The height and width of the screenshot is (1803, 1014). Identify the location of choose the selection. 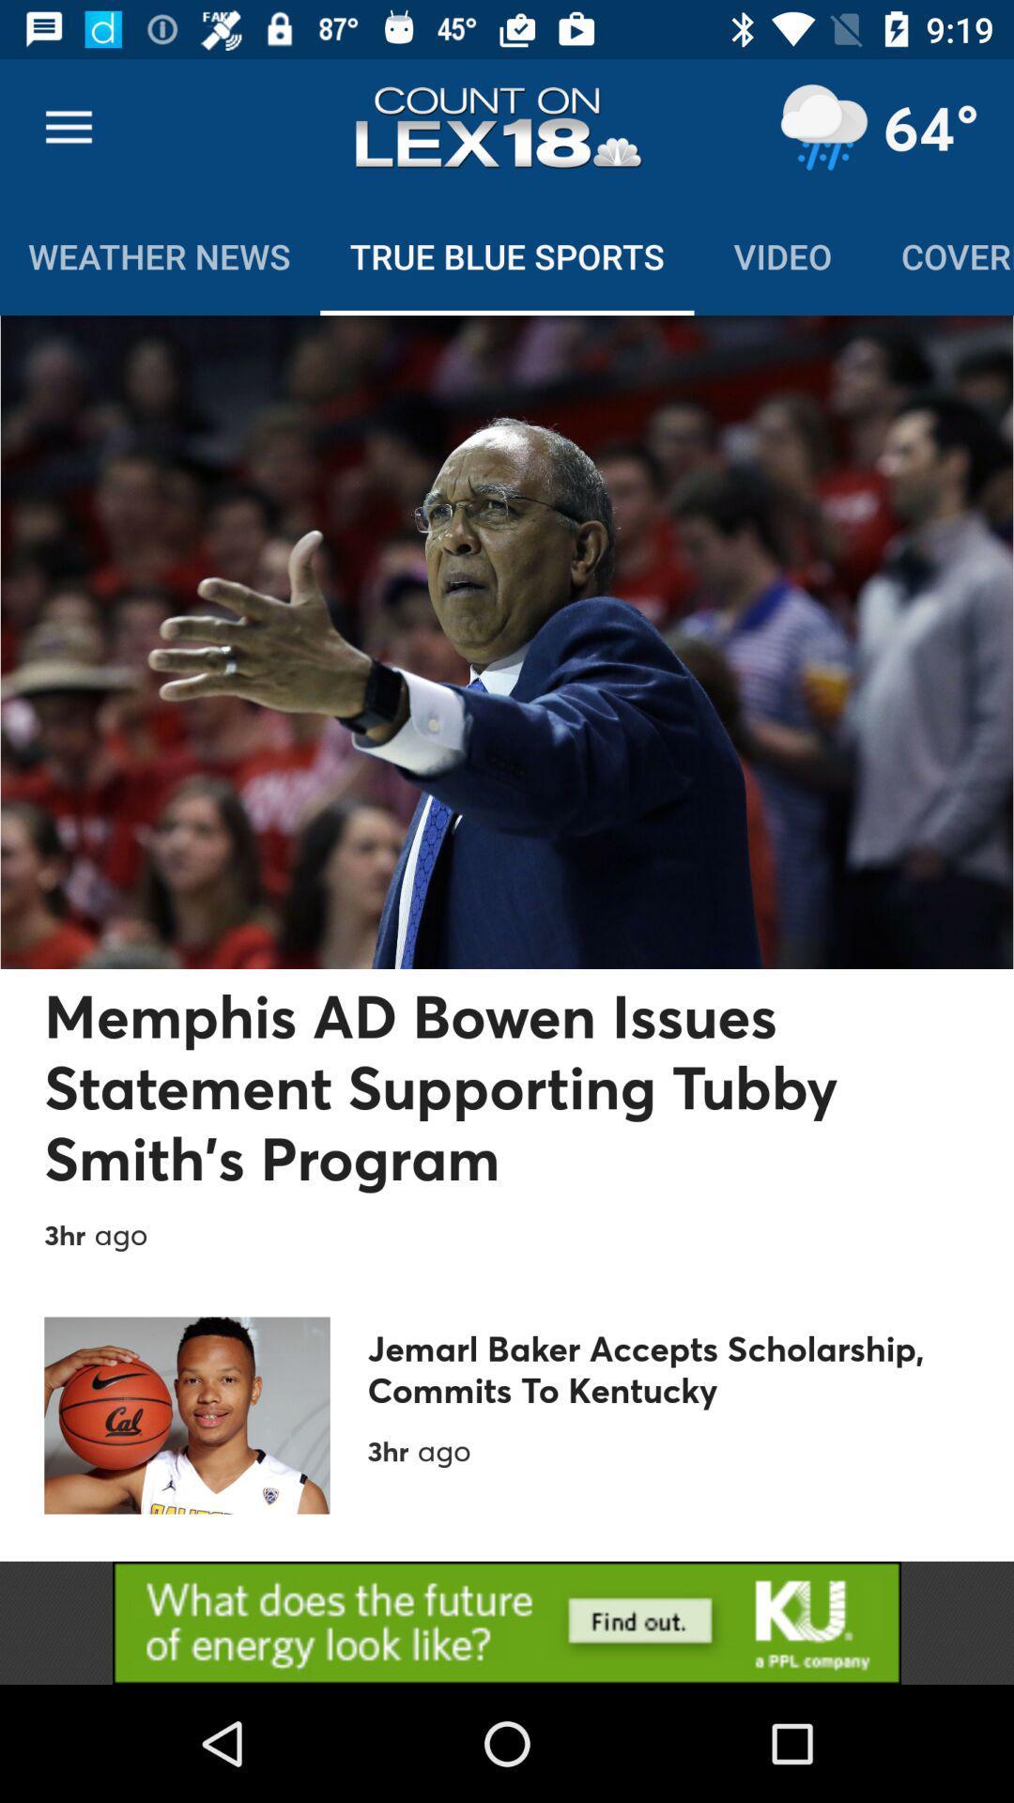
(507, 1622).